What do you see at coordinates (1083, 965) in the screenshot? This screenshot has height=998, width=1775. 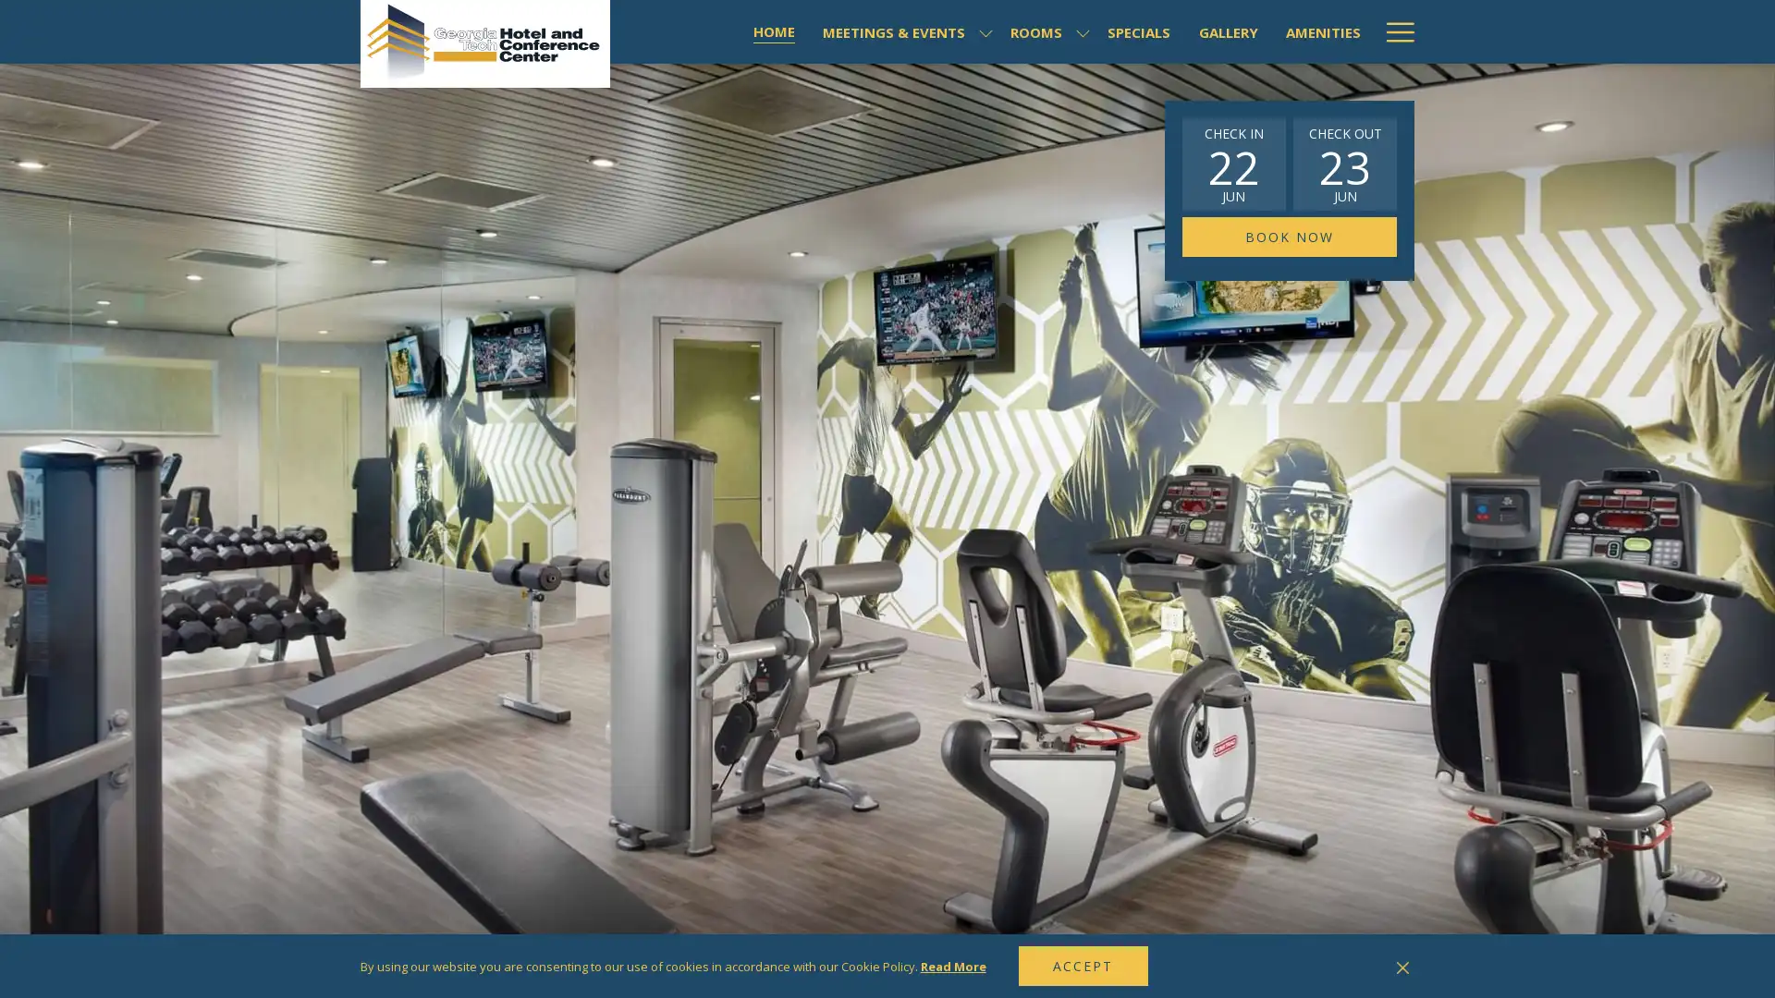 I see `ACCEPT` at bounding box center [1083, 965].